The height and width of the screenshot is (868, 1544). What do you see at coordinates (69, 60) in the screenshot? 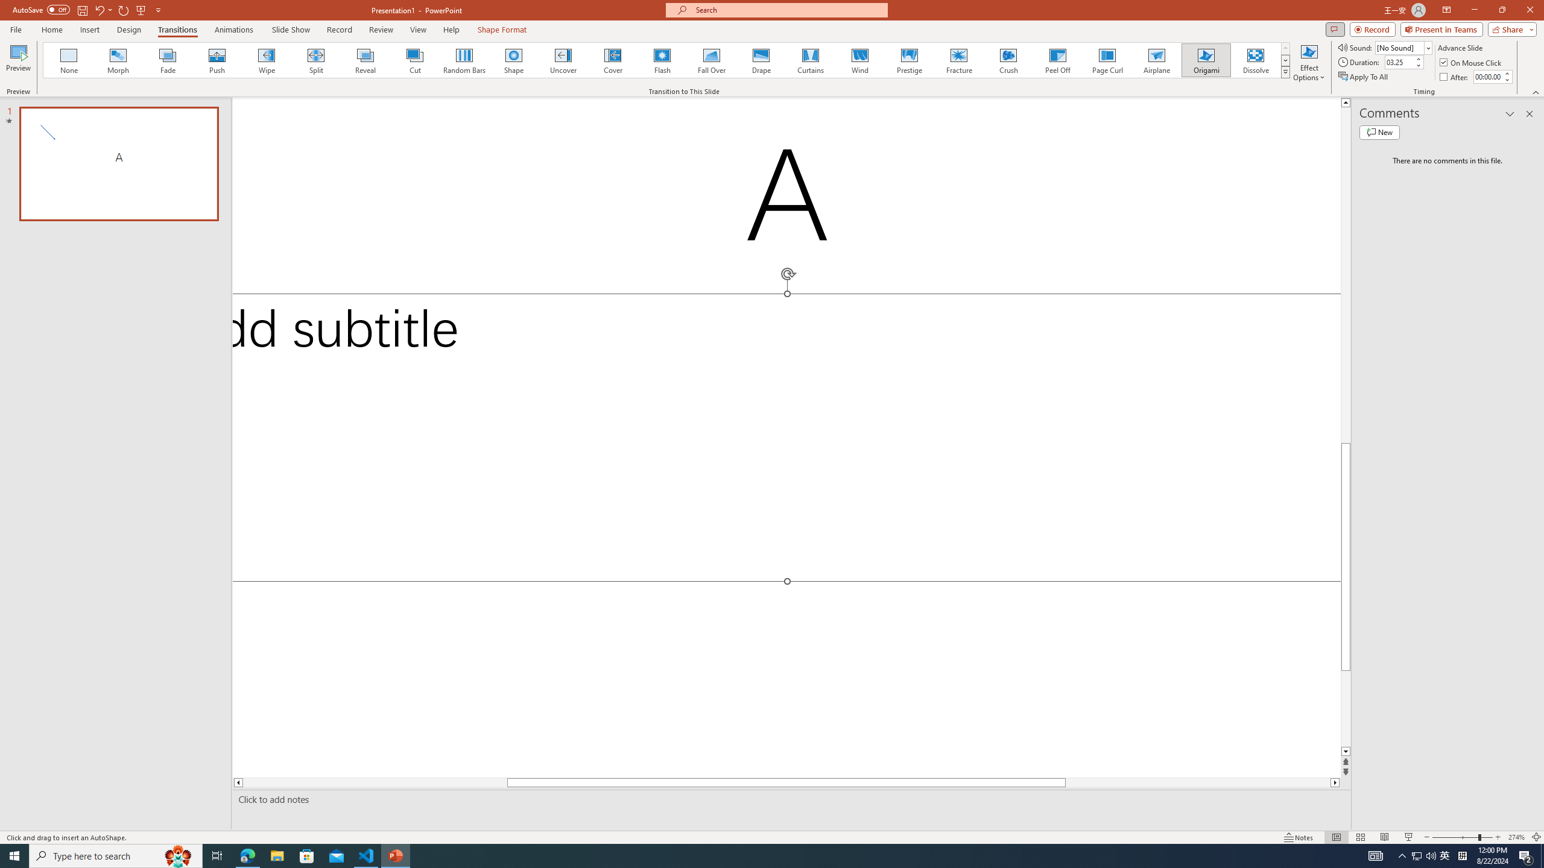
I see `'None'` at bounding box center [69, 60].